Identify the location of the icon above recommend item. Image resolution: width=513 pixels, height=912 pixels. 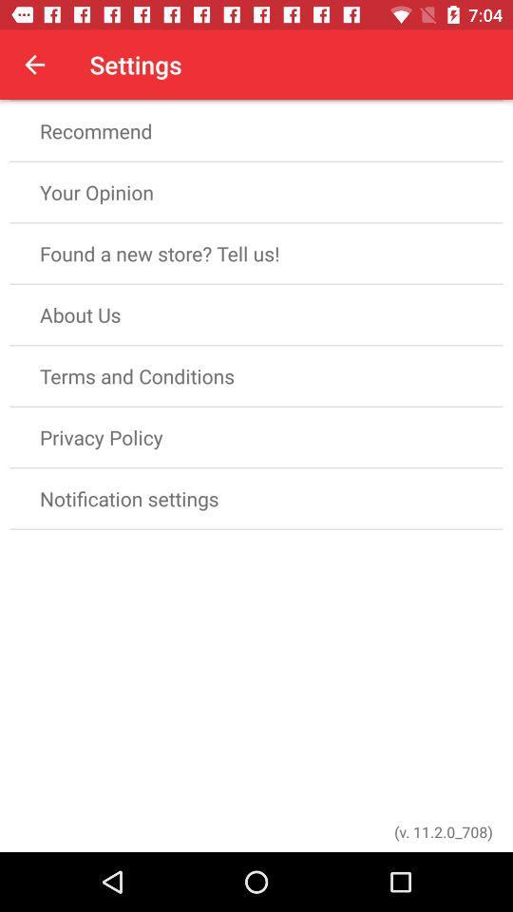
(34, 65).